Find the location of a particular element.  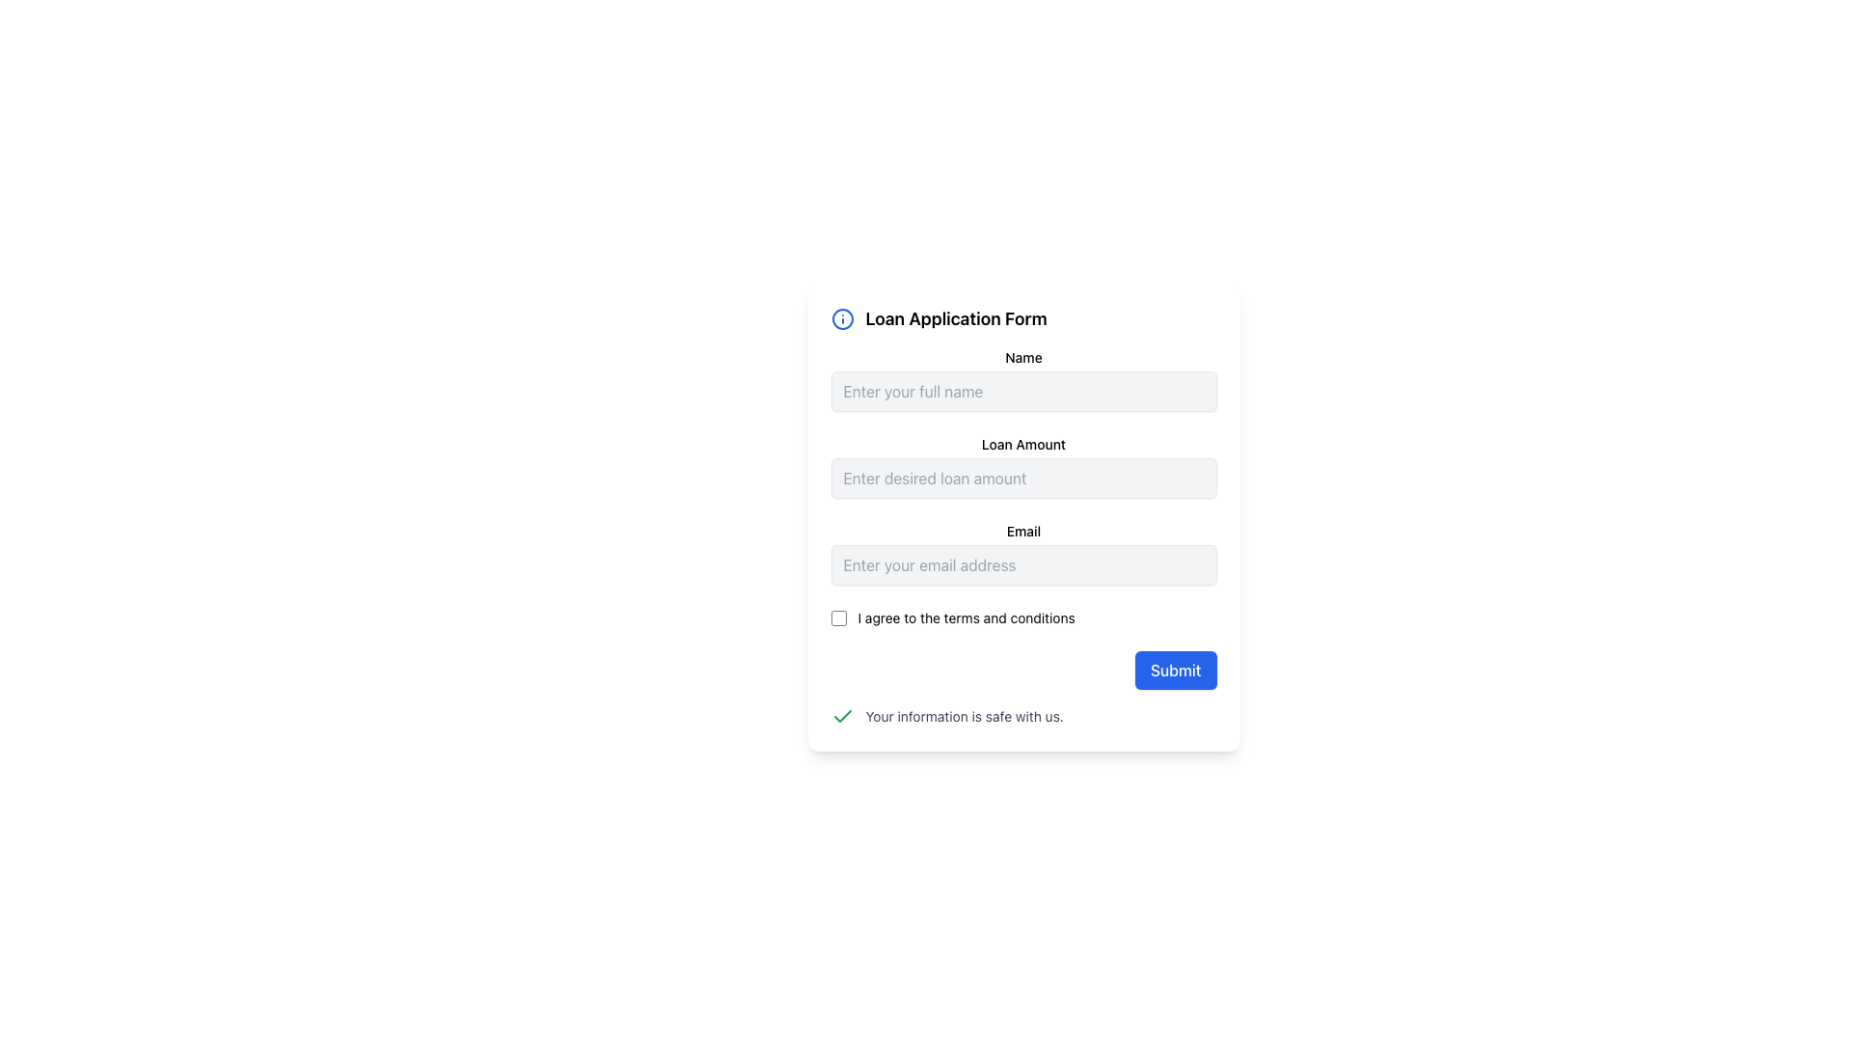

the 'Loan Amount' text label, which is styled with a medium font size and serves as a label above the input field for entering the loan amount is located at coordinates (1022, 445).